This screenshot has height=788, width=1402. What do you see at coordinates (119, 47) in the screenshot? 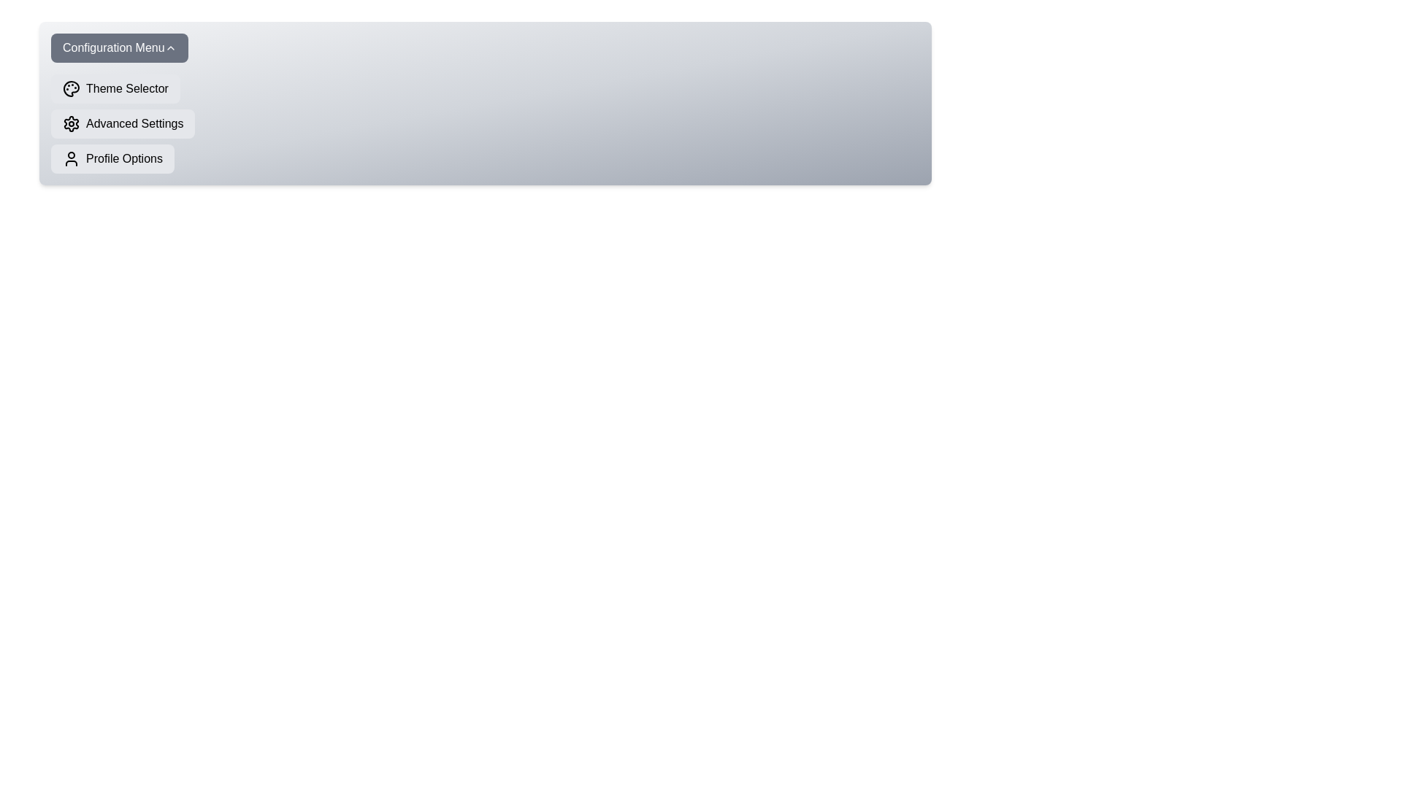
I see `the 'Configuration Menu' button to toggle the visibility of the configuration menu` at bounding box center [119, 47].